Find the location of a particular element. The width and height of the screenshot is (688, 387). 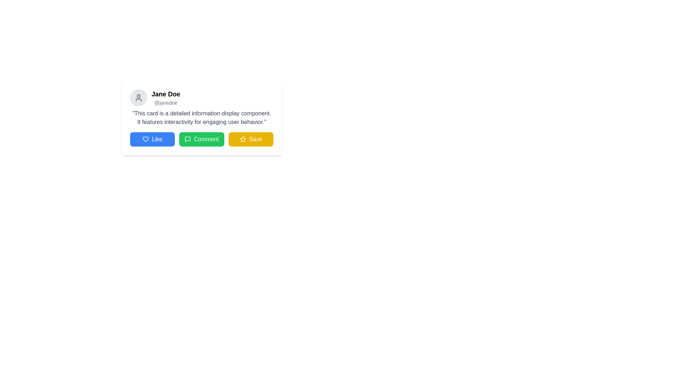

the text label displaying 'Jane Doe', which is prominently styled in large bold font and located at the upper-left section of the card layout is located at coordinates (166, 94).